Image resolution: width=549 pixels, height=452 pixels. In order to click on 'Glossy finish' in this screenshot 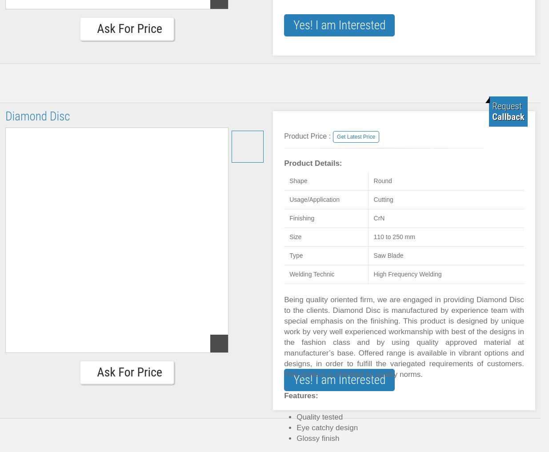, I will do `click(317, 438)`.